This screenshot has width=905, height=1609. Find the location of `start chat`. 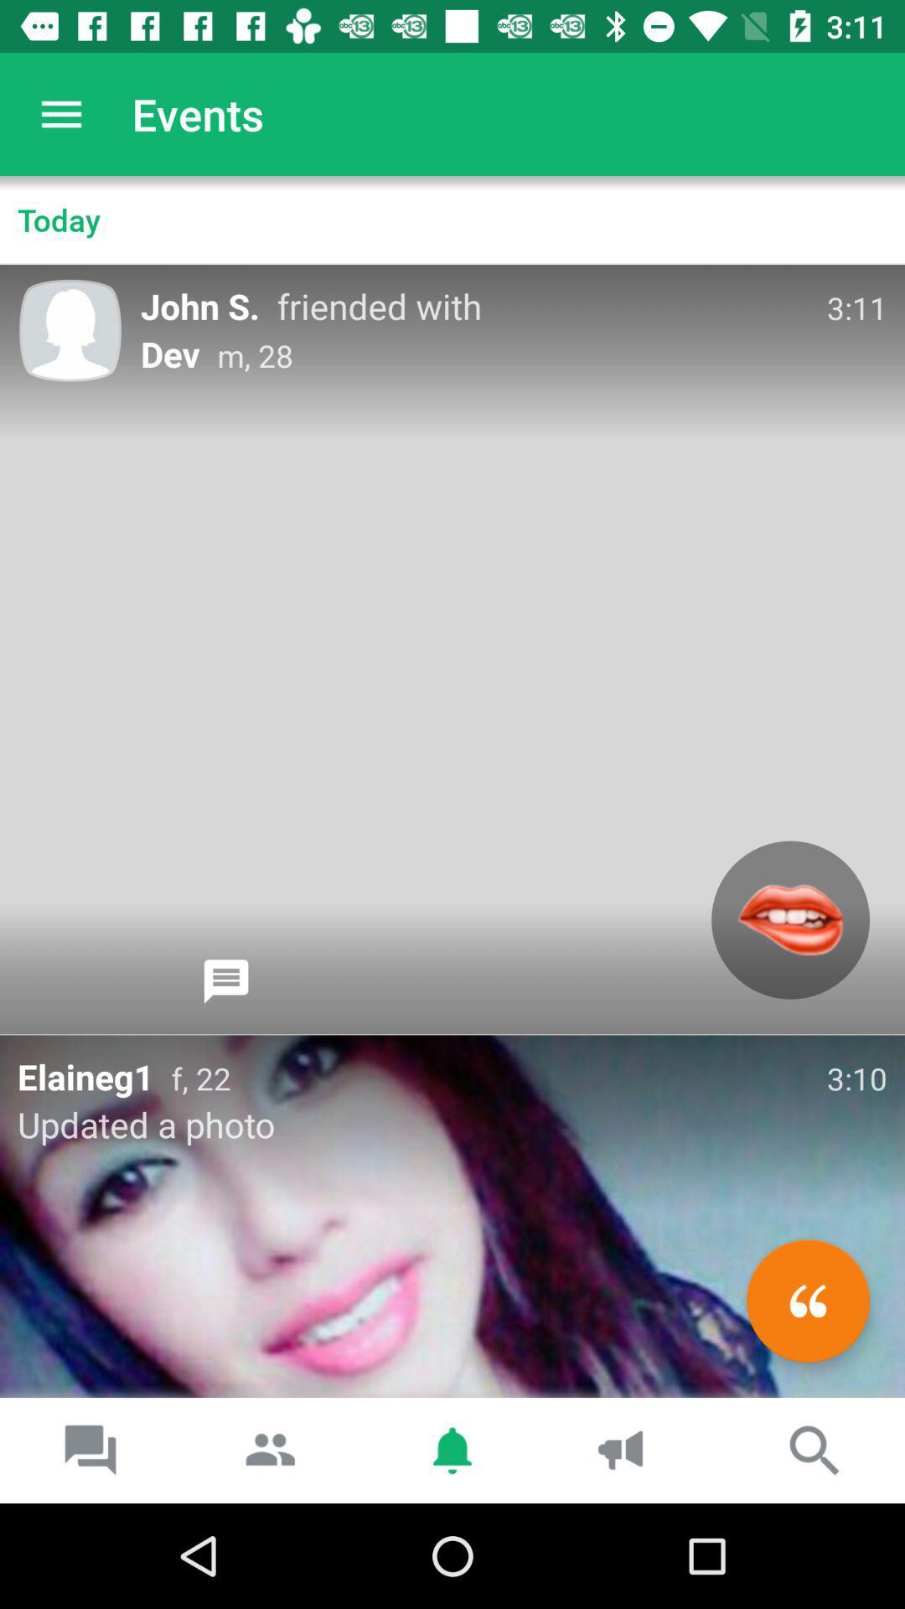

start chat is located at coordinates (226, 981).